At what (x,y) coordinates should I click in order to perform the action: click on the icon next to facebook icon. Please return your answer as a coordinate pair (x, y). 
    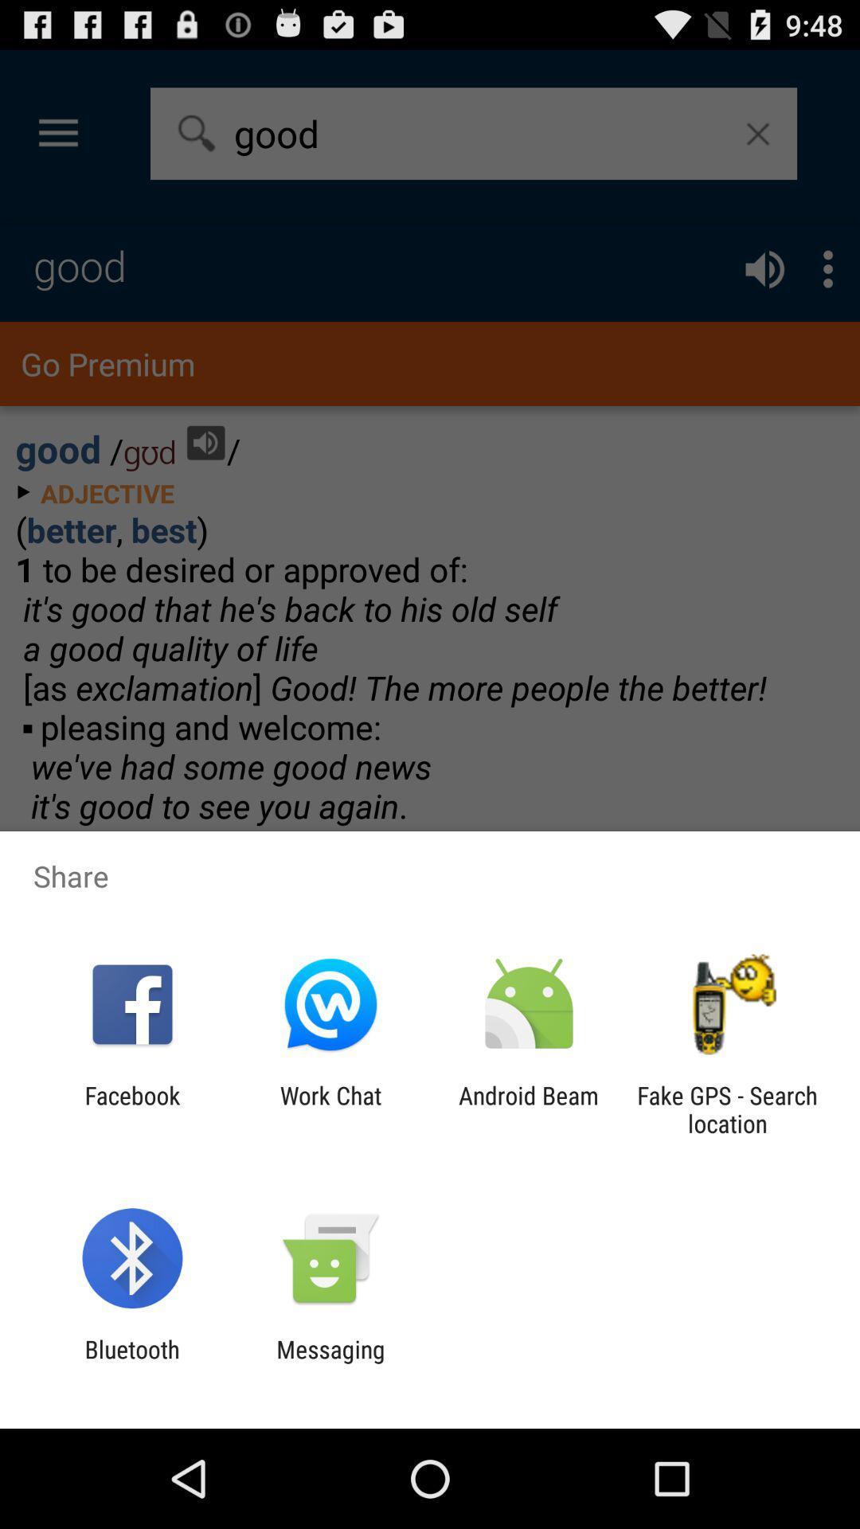
    Looking at the image, I should click on (330, 1109).